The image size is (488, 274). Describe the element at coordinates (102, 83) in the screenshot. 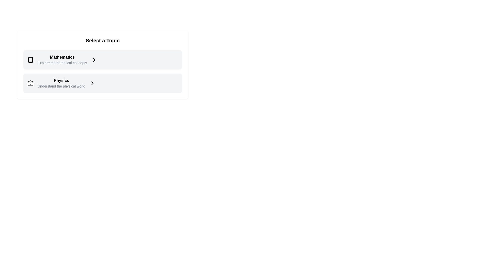

I see `the second card labeled 'Physics' in the vertically arranged list of topics` at that location.